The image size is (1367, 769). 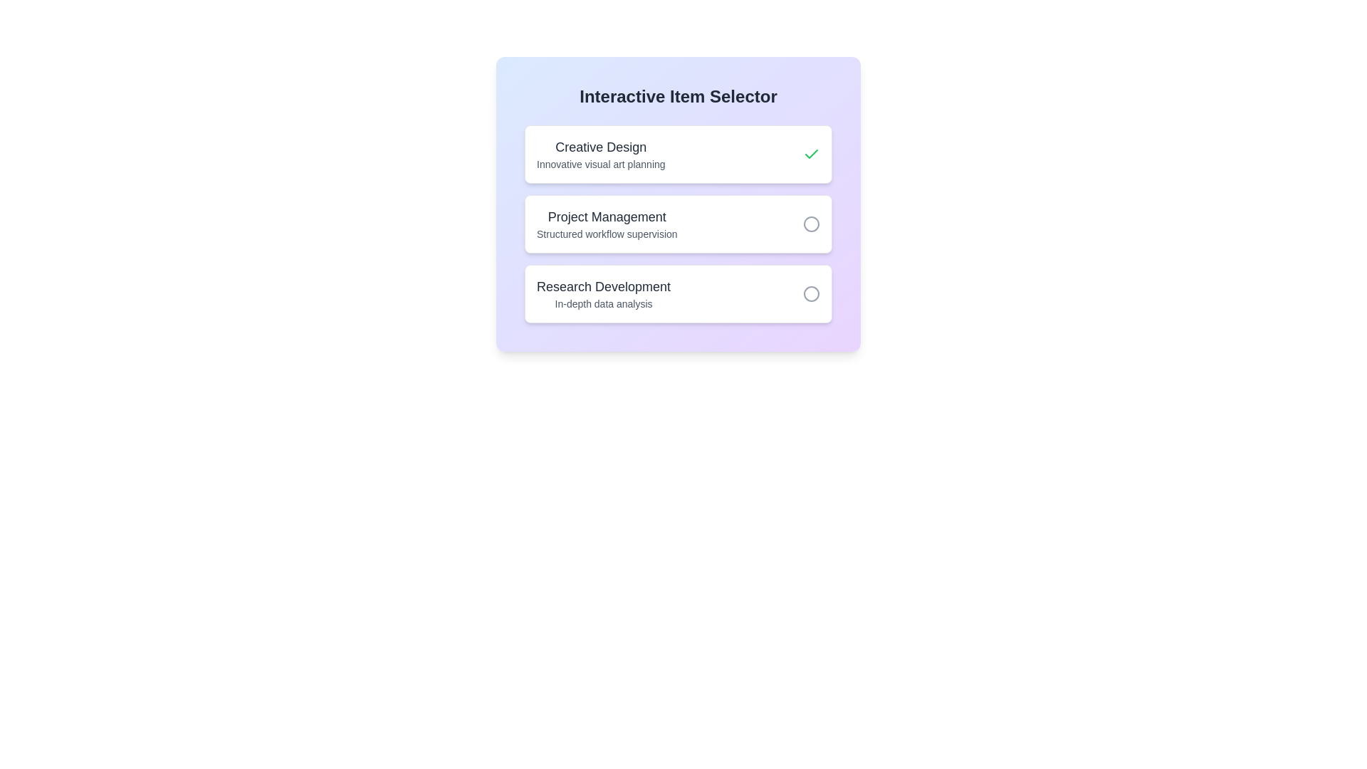 I want to click on the item Project Management by clicking its toggle button, so click(x=812, y=224).